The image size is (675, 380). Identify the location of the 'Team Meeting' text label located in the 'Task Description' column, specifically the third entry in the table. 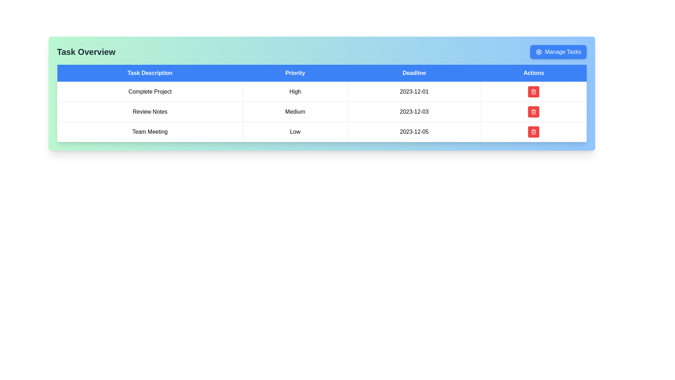
(149, 132).